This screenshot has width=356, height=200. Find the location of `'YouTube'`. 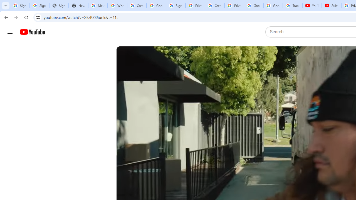

'YouTube' is located at coordinates (312, 6).